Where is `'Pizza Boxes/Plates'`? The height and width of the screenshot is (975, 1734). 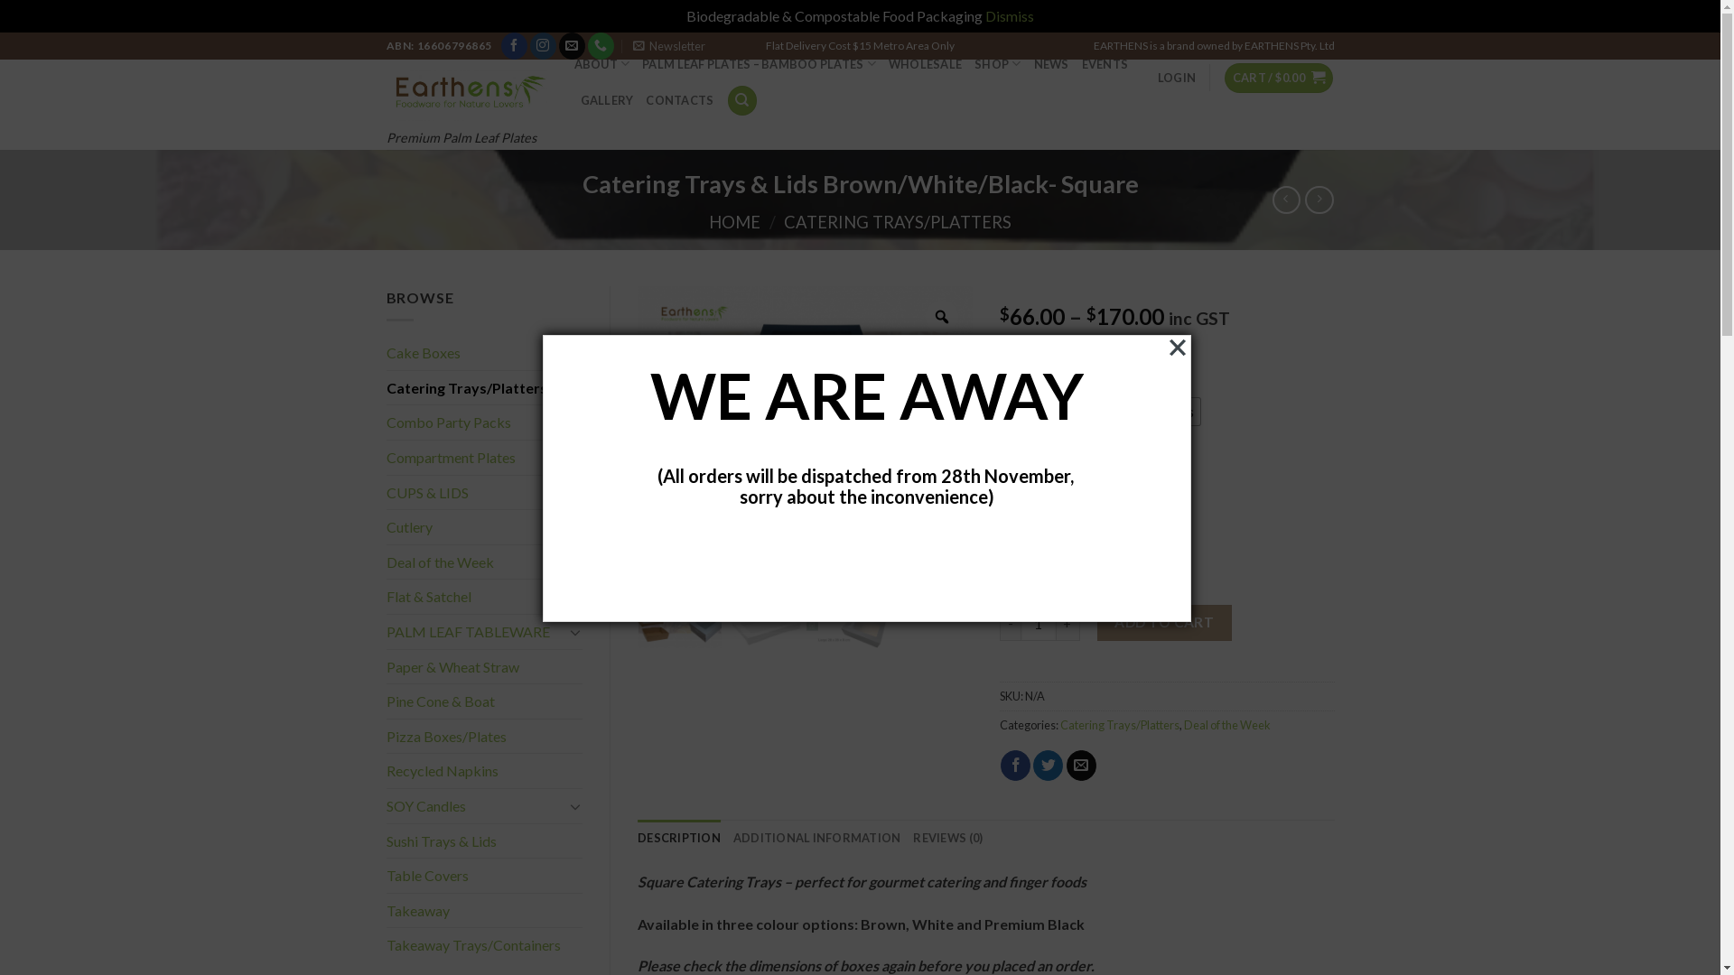
'Pizza Boxes/Plates' is located at coordinates (485, 737).